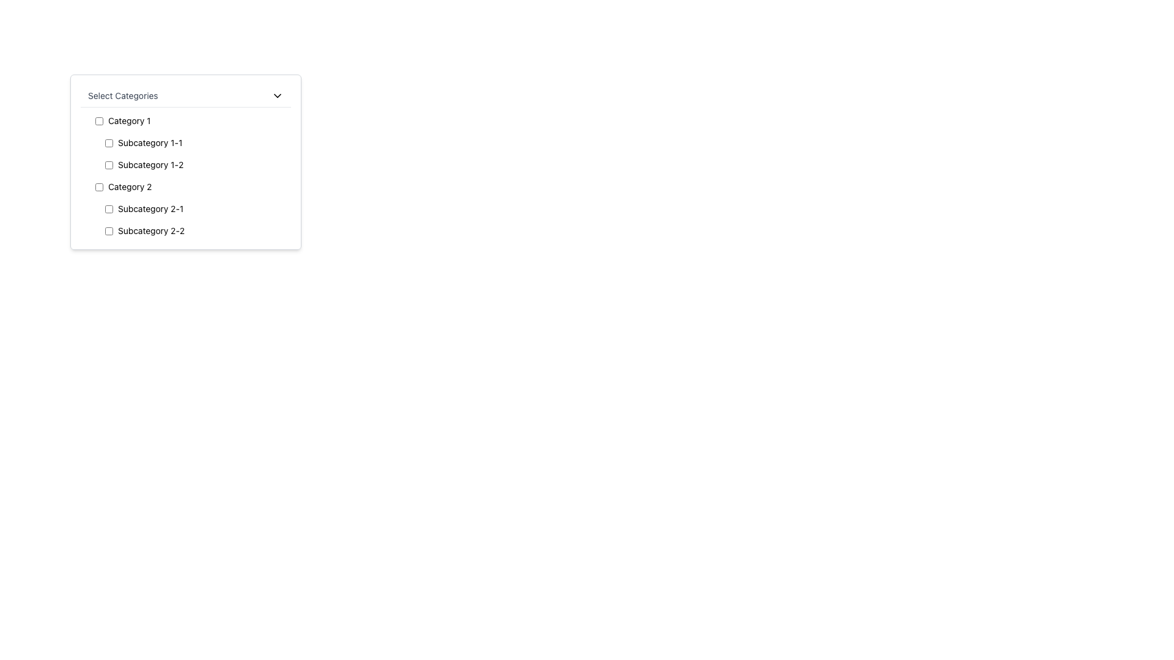 The image size is (1174, 660). What do you see at coordinates (109, 208) in the screenshot?
I see `the checkbox located to the left of the text 'Subcategory 2-1'` at bounding box center [109, 208].